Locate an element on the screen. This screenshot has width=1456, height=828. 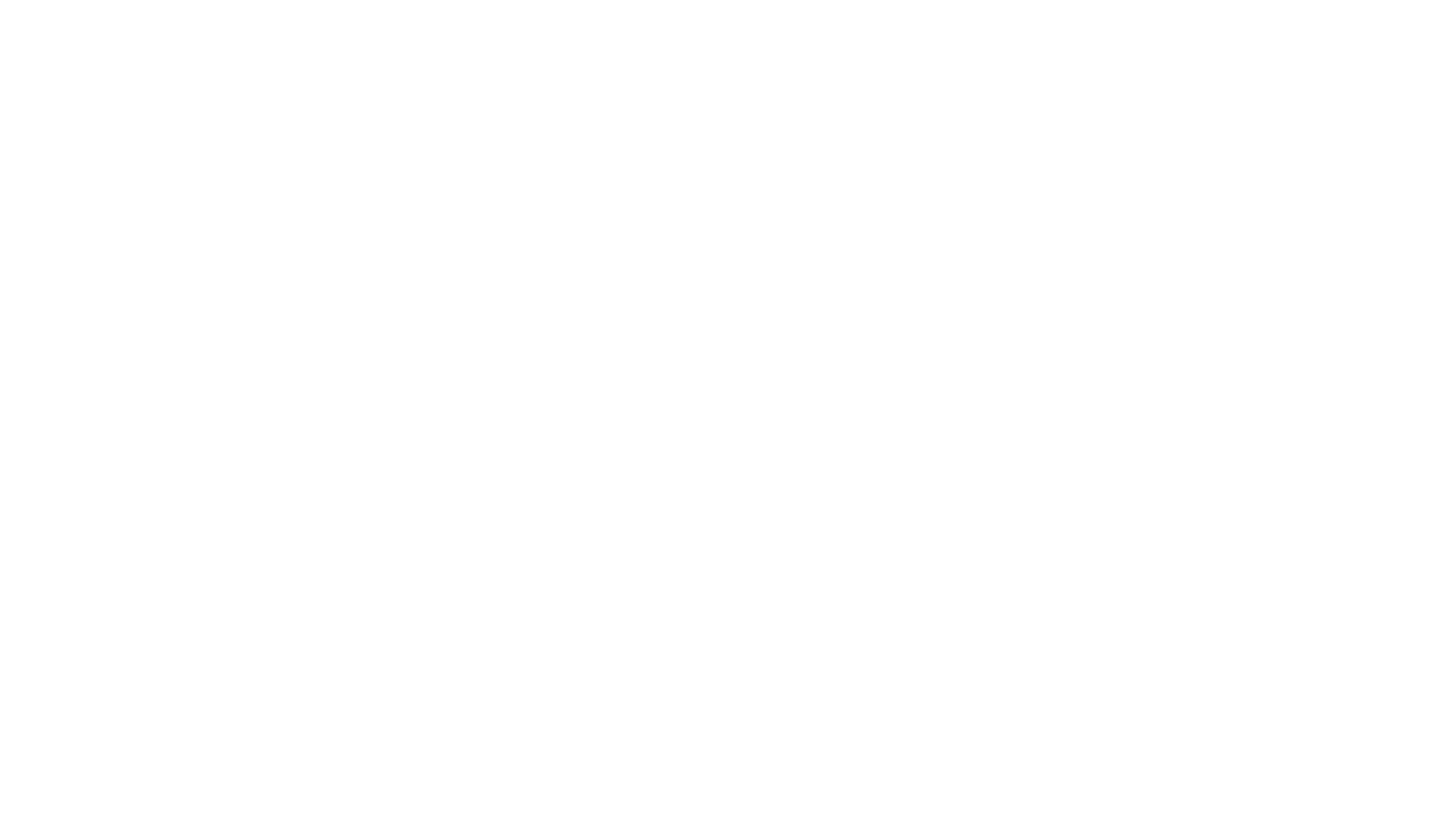
'Dandy Dab- a medium well balanced single variety cider' is located at coordinates (450, 191).